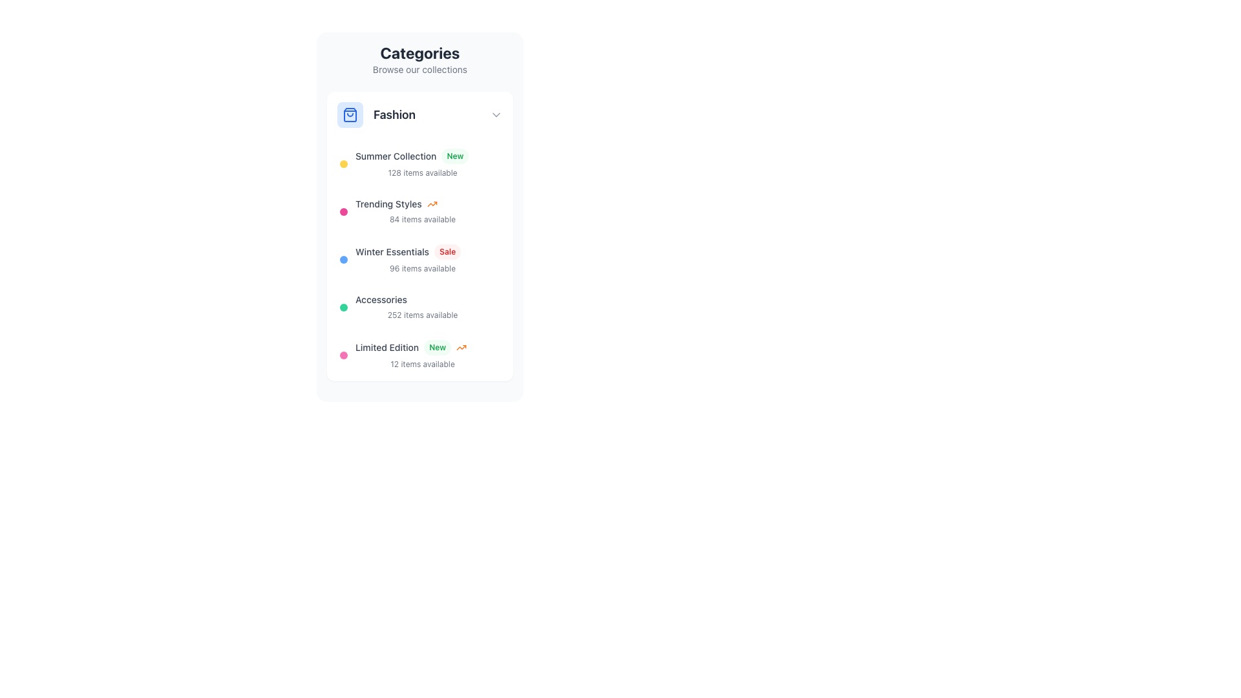  Describe the element at coordinates (445, 346) in the screenshot. I see `the 'New' badge component located to the right of the 'Limited Edition' text in the Fashion category box` at that location.